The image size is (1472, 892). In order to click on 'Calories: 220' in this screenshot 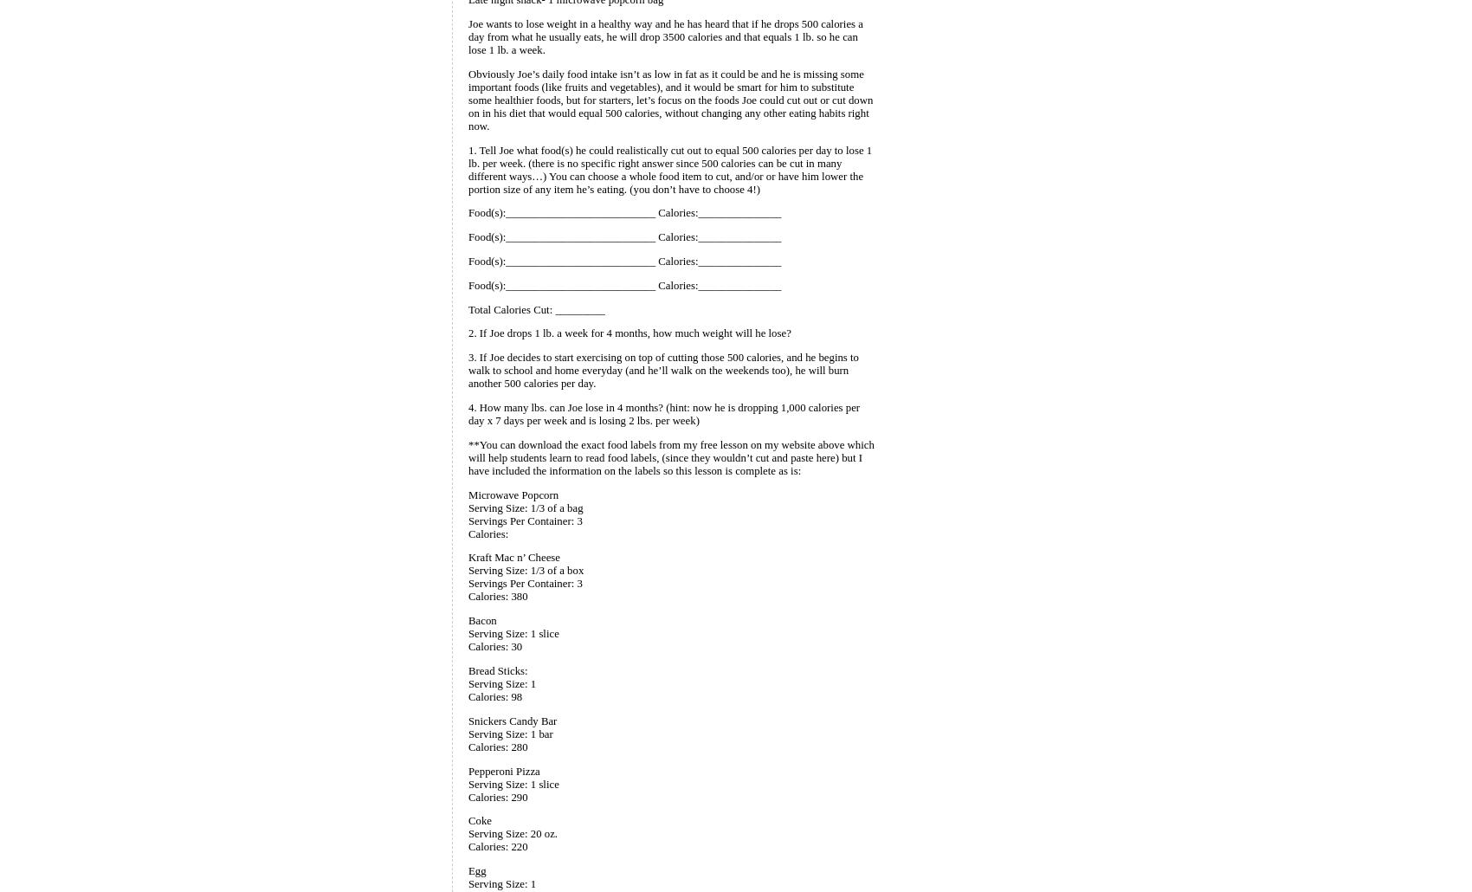, I will do `click(496, 845)`.